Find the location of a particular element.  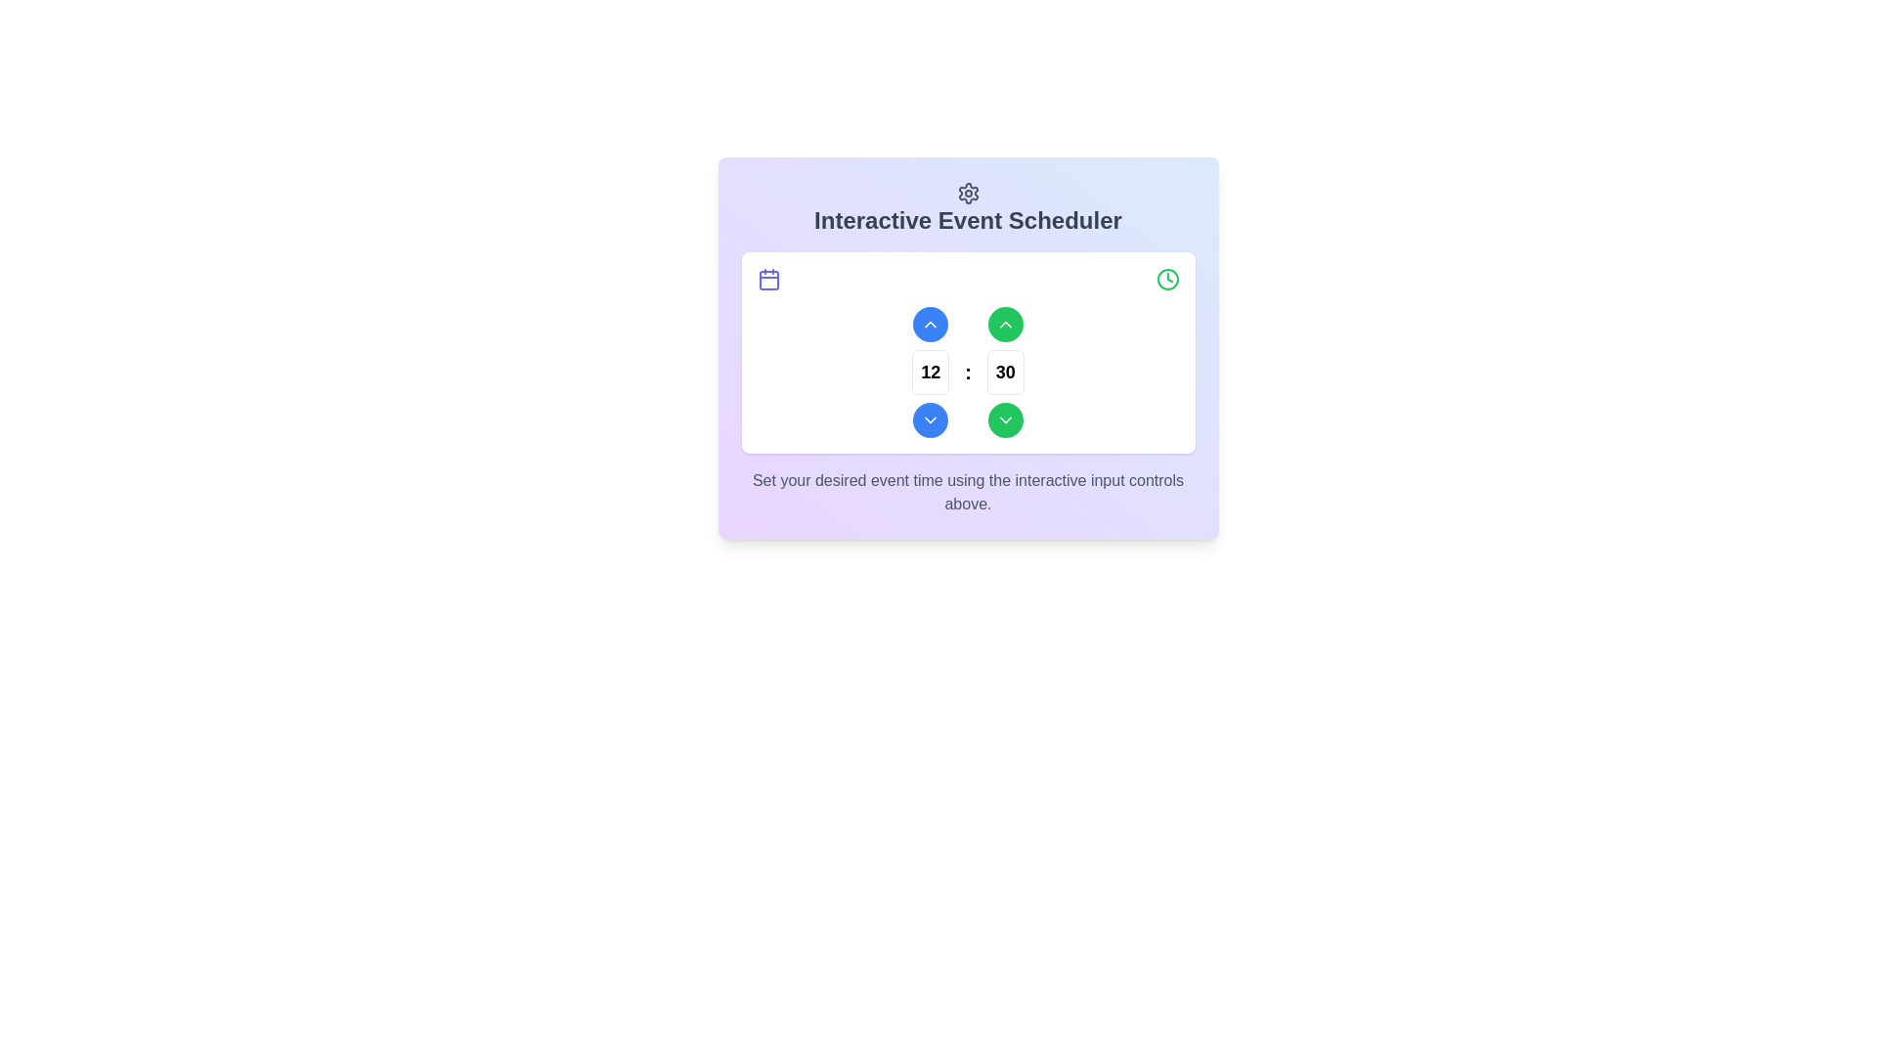

the highlighted label displaying the number '30', which is styled with a bold font and enclosed in a bordered box, located to the right of a ':' character and adjacent to the number '12' in the time setting interface is located at coordinates (1005, 372).